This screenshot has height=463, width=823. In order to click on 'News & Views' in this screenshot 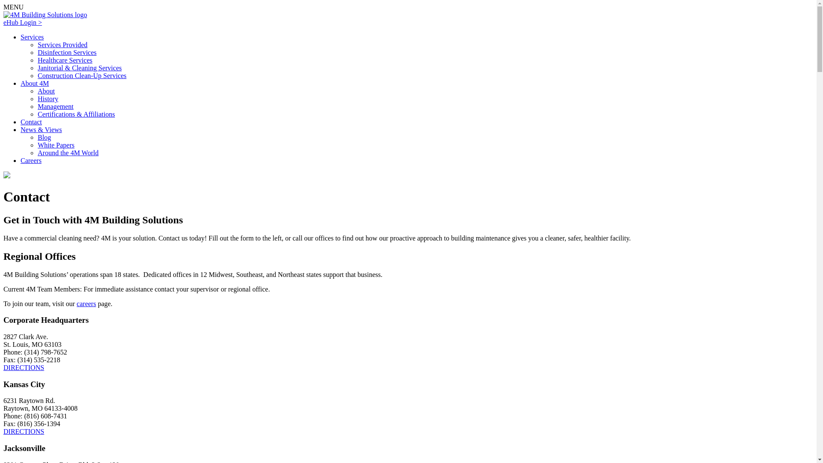, I will do `click(41, 129)`.